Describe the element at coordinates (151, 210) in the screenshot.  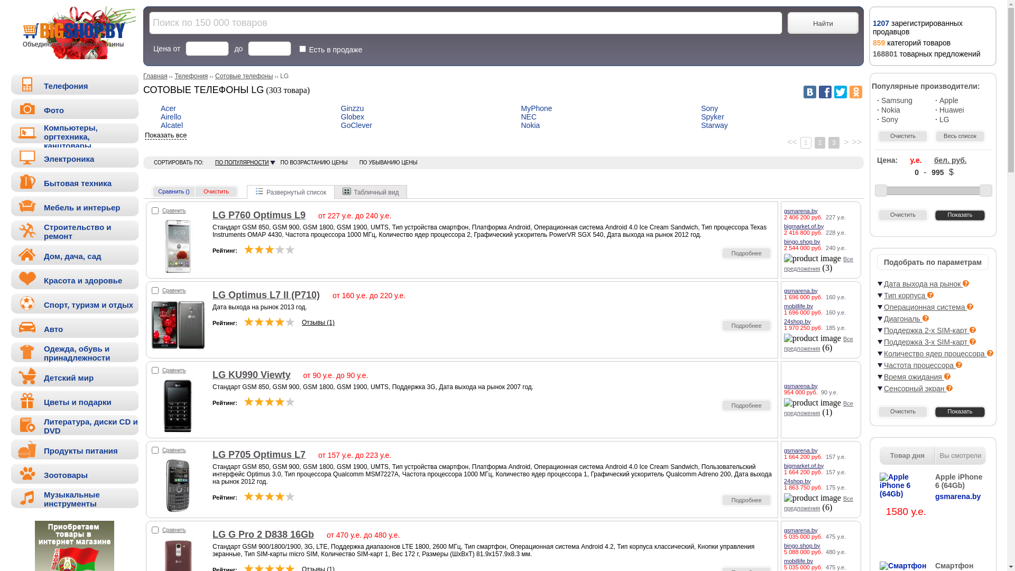
I see `'40081'` at that location.